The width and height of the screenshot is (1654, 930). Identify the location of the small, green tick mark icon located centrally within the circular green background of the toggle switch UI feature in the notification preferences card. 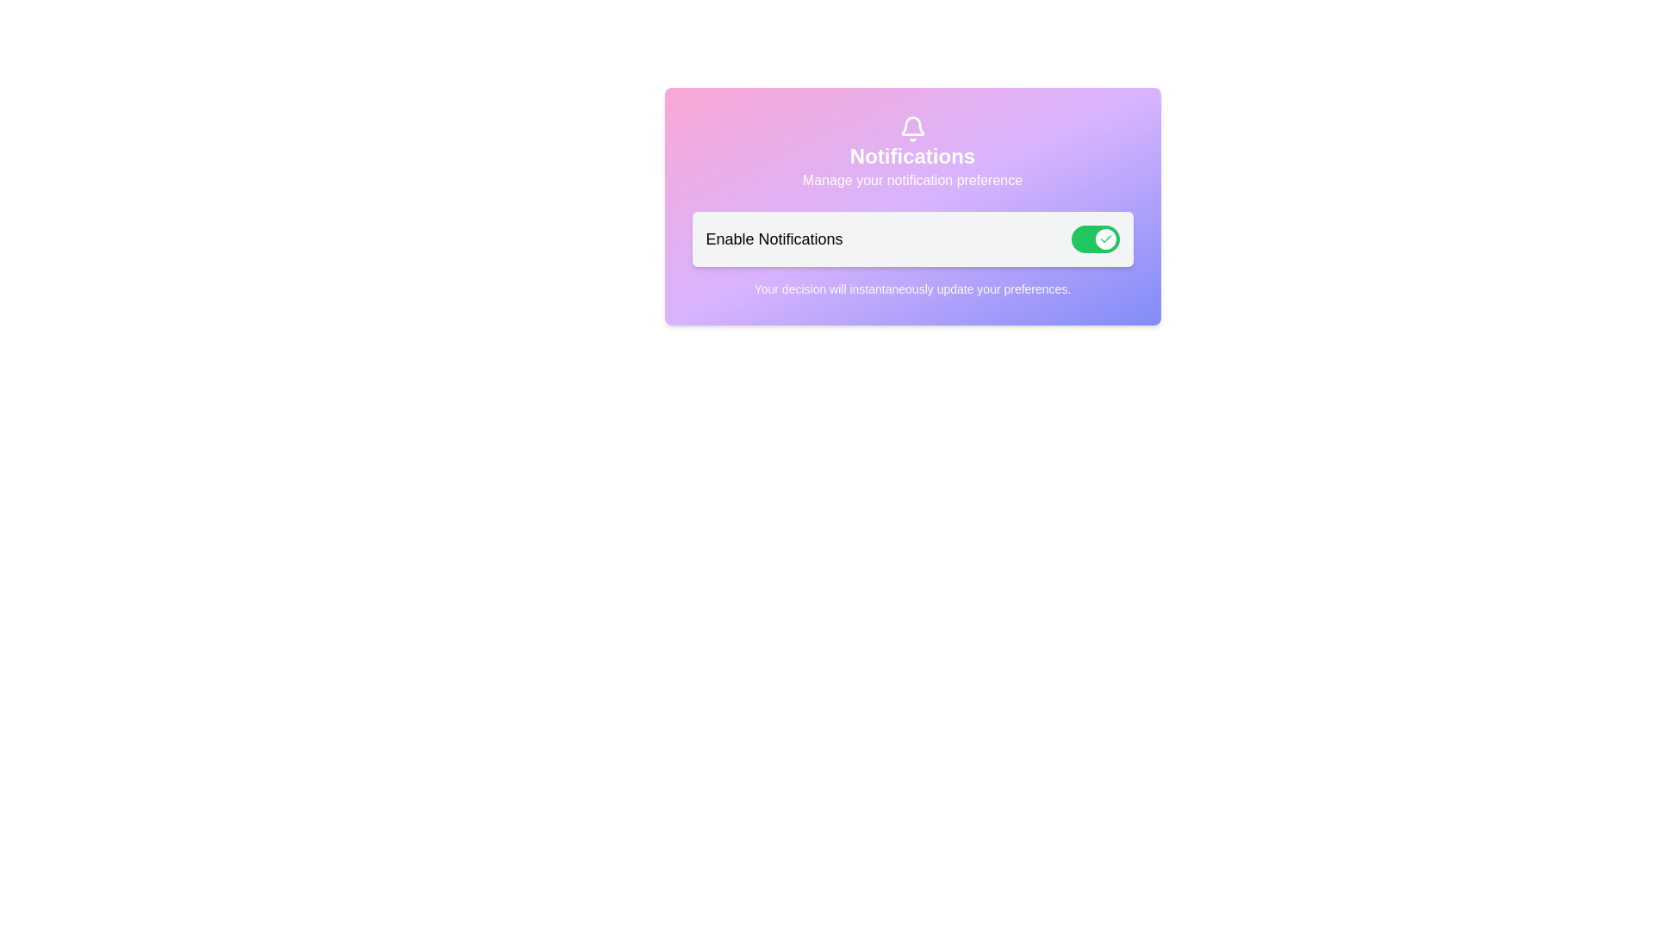
(1105, 239).